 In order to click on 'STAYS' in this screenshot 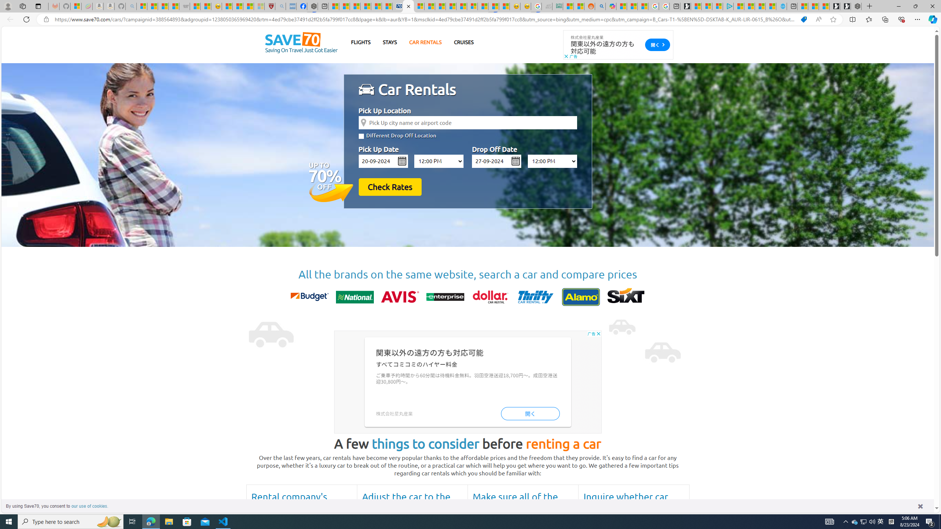, I will do `click(390, 42)`.